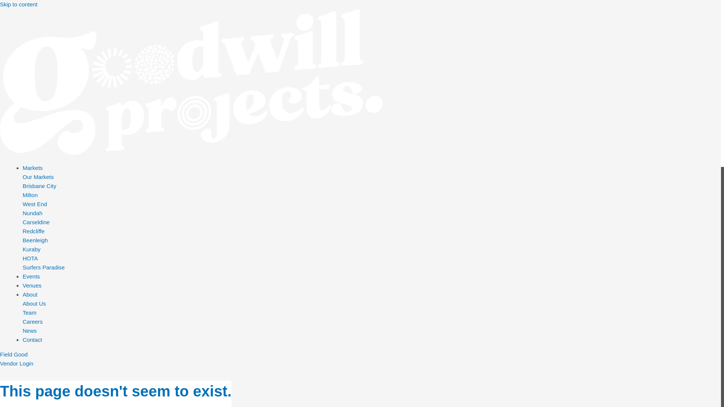  Describe the element at coordinates (22, 177) in the screenshot. I see `'Our Markets'` at that location.